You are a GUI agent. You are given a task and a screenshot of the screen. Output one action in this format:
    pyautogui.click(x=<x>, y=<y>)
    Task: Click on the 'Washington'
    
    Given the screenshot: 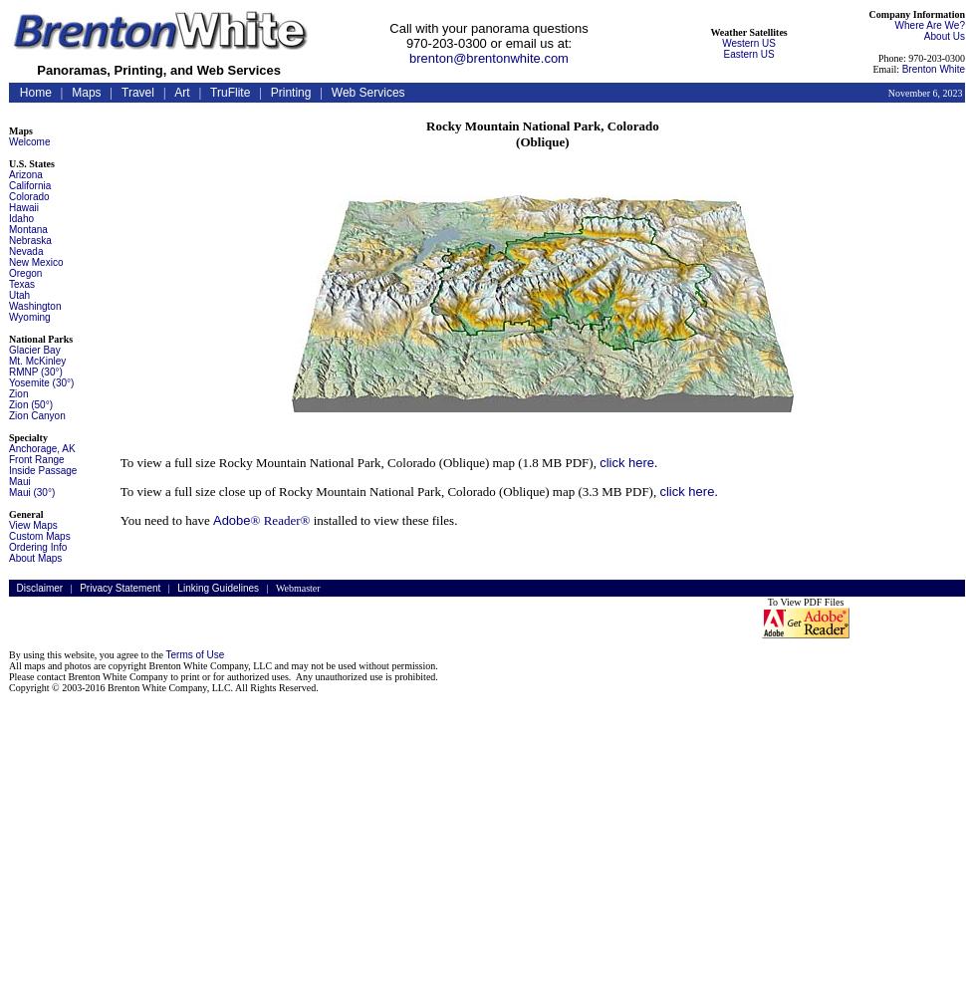 What is the action you would take?
    pyautogui.click(x=35, y=306)
    